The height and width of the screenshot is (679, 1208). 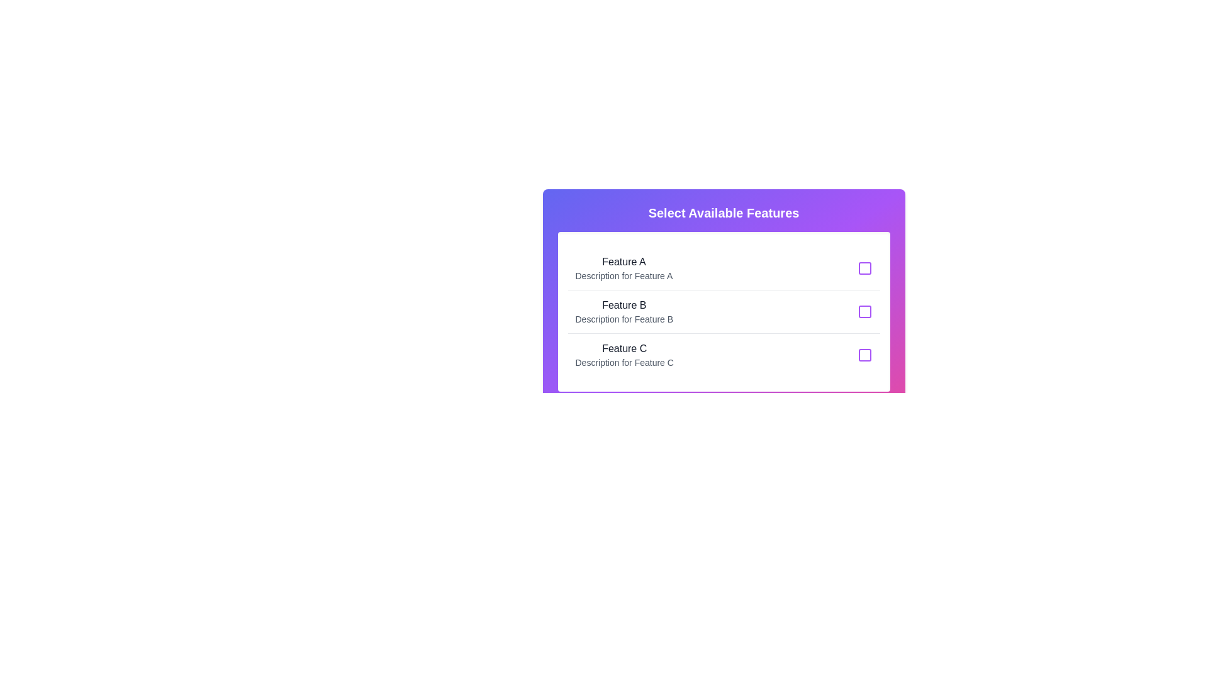 I want to click on the text element displaying 'Description for Feature B', which is located below the bold header 'Feature B' in the vertical list of selectable features, so click(x=624, y=319).